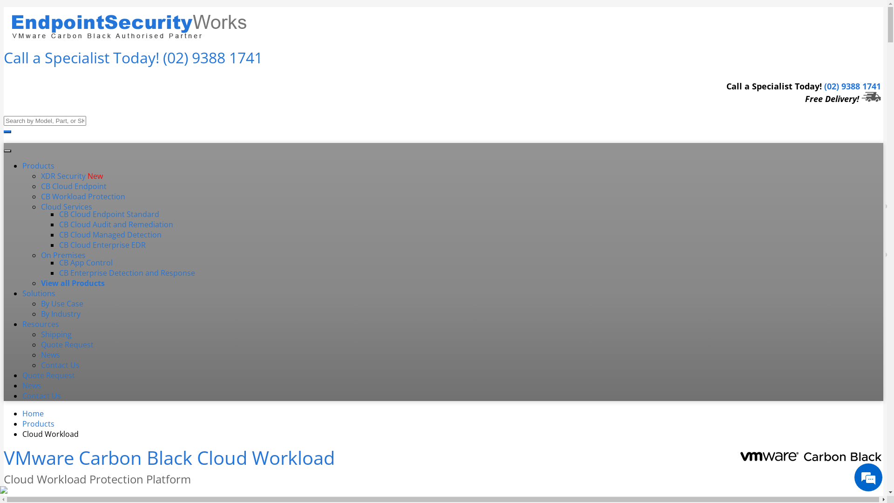 This screenshot has width=894, height=503. I want to click on 'CB Enterprise Detection and Response', so click(127, 272).